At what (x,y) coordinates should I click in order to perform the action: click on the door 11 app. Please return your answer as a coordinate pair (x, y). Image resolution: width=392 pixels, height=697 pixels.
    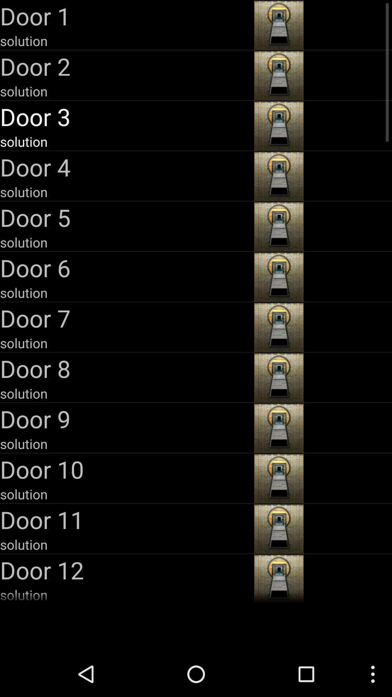
    Looking at the image, I should click on (126, 519).